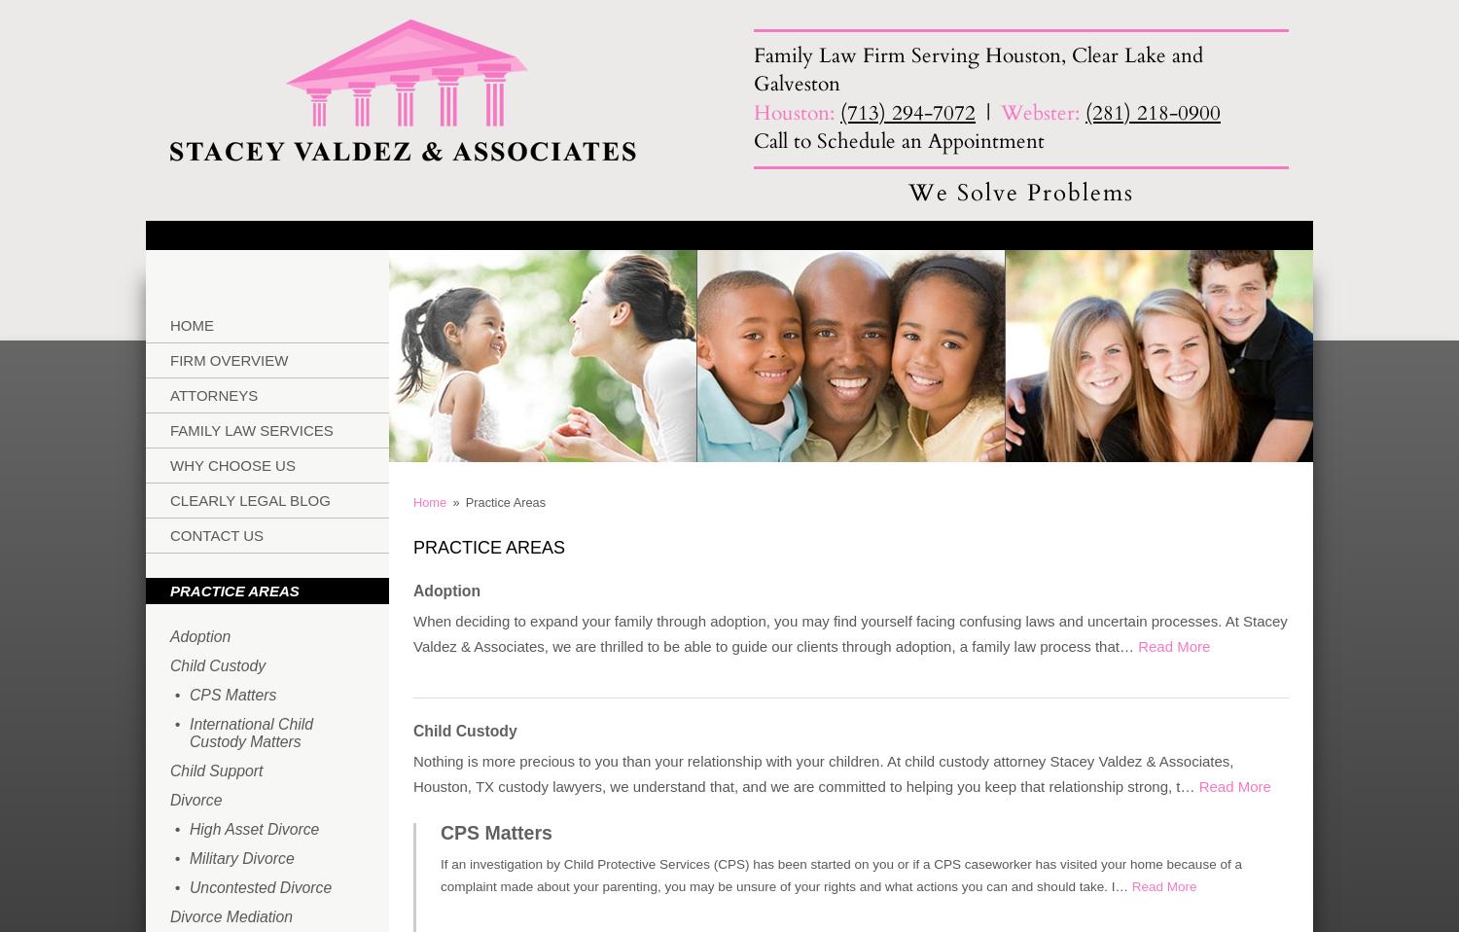  Describe the element at coordinates (251, 429) in the screenshot. I see `'Family Law Services'` at that location.